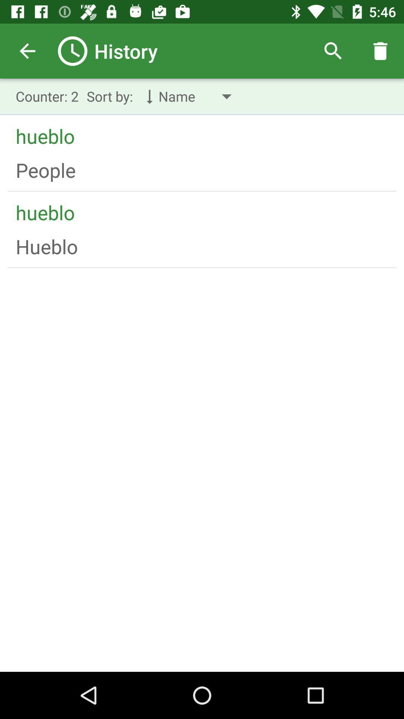 Image resolution: width=404 pixels, height=719 pixels. What do you see at coordinates (191, 96) in the screenshot?
I see `the drop down with text name` at bounding box center [191, 96].